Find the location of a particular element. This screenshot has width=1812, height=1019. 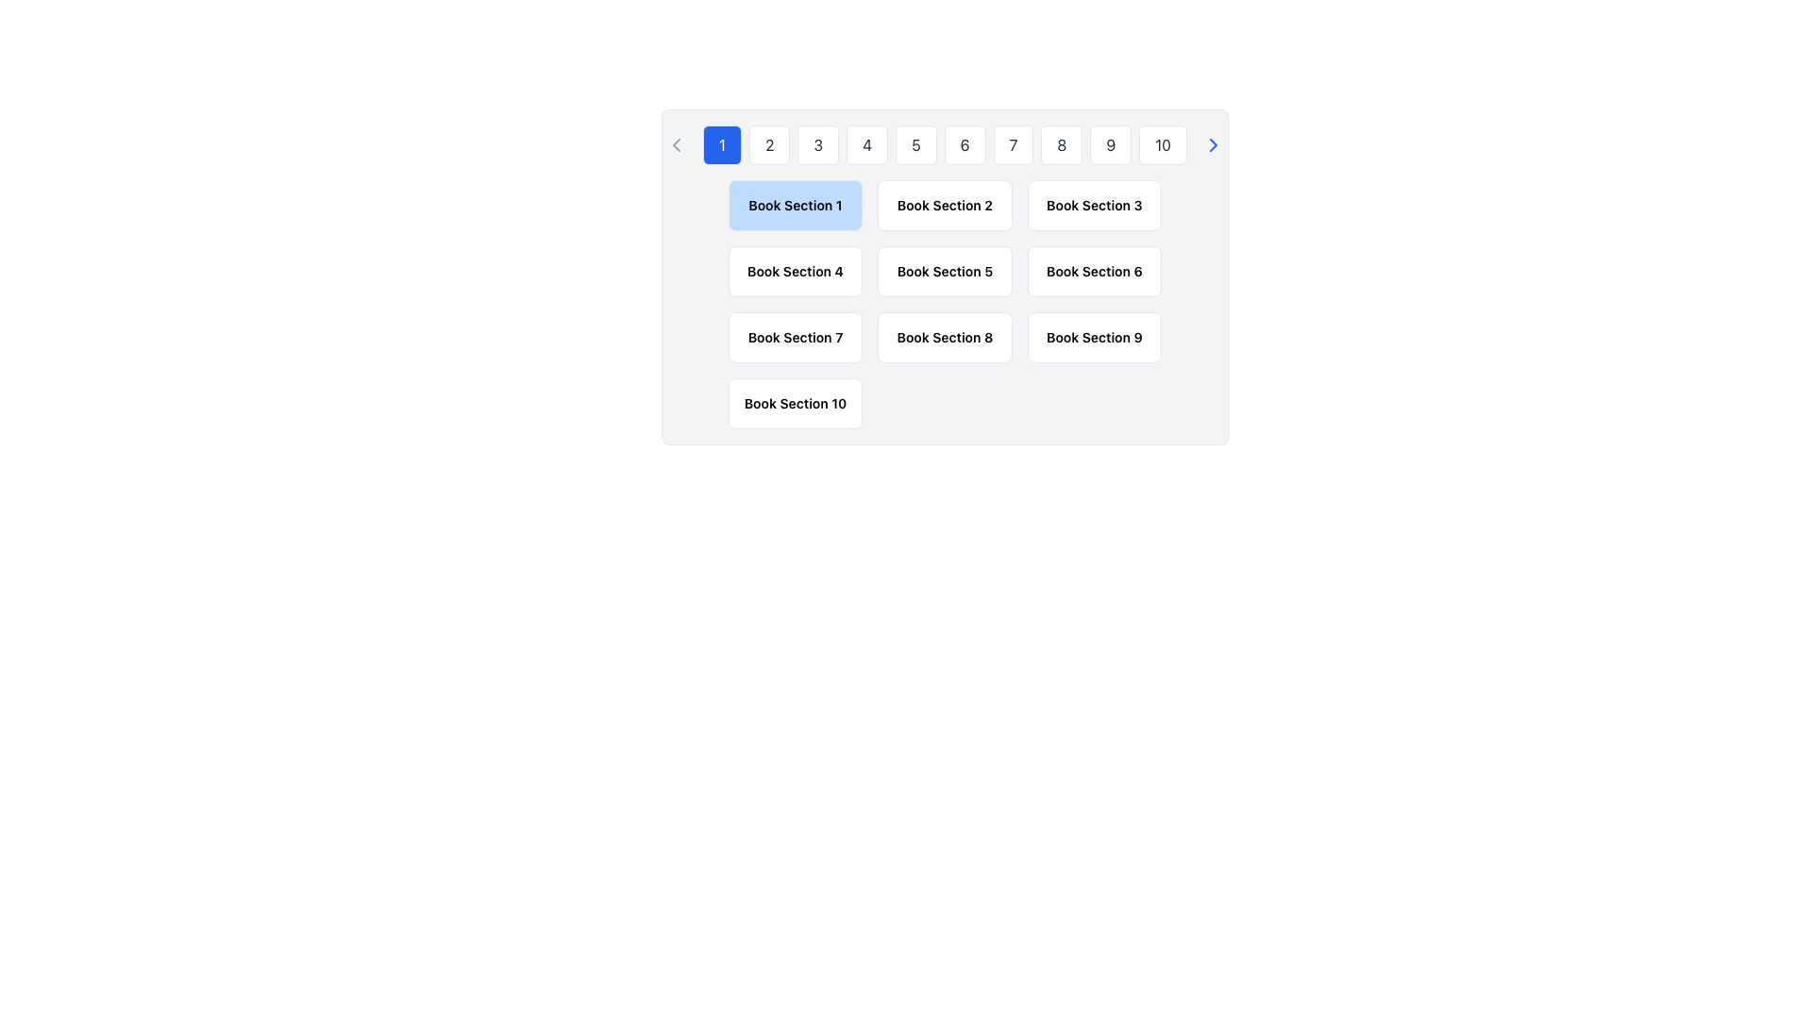

the 7th button in the pagination control is located at coordinates (1013, 144).